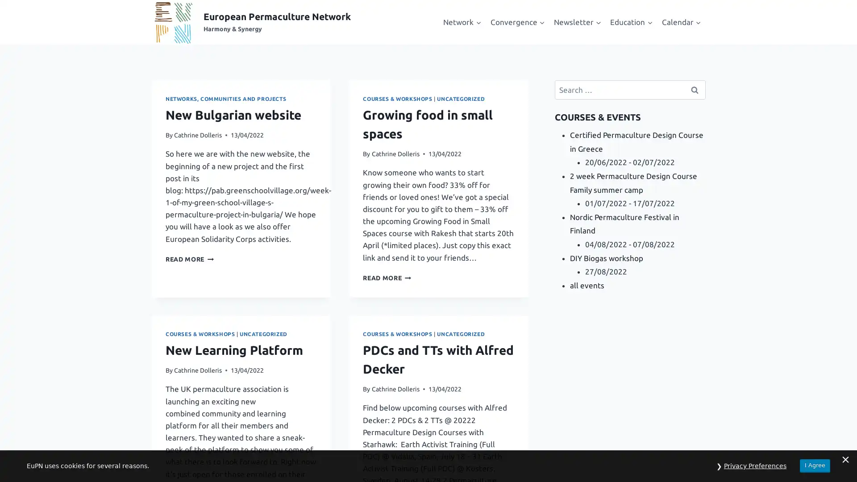 The height and width of the screenshot is (482, 857). I want to click on Expand child menu, so click(631, 21).